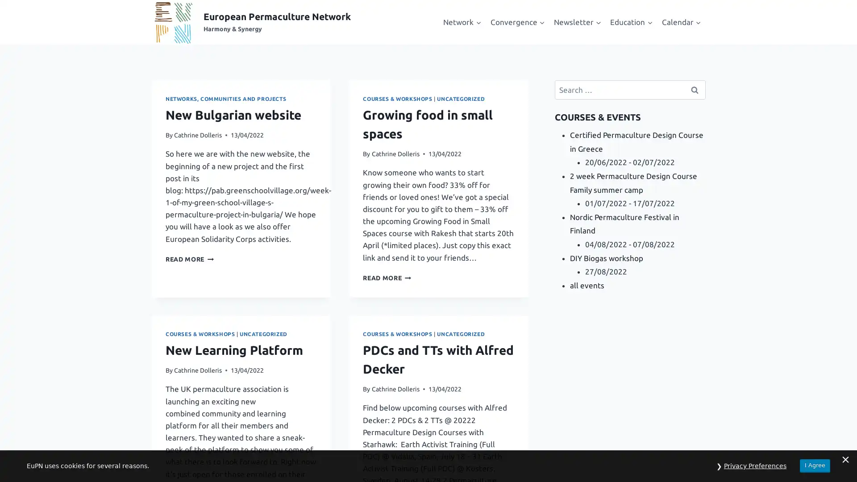 The height and width of the screenshot is (482, 857). I want to click on Expand child menu, so click(631, 21).